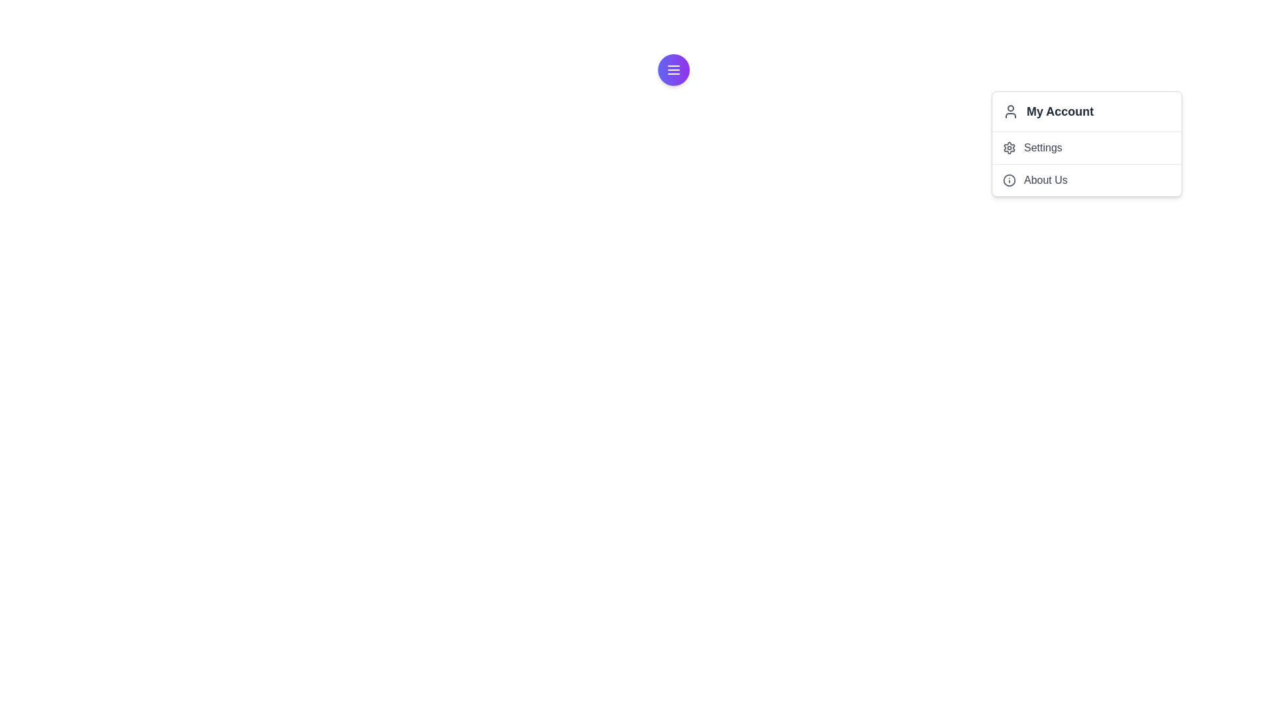 This screenshot has height=714, width=1271. I want to click on the 'About Us' dropdown menu item located beneath the 'Settings' menu item, so click(1086, 180).